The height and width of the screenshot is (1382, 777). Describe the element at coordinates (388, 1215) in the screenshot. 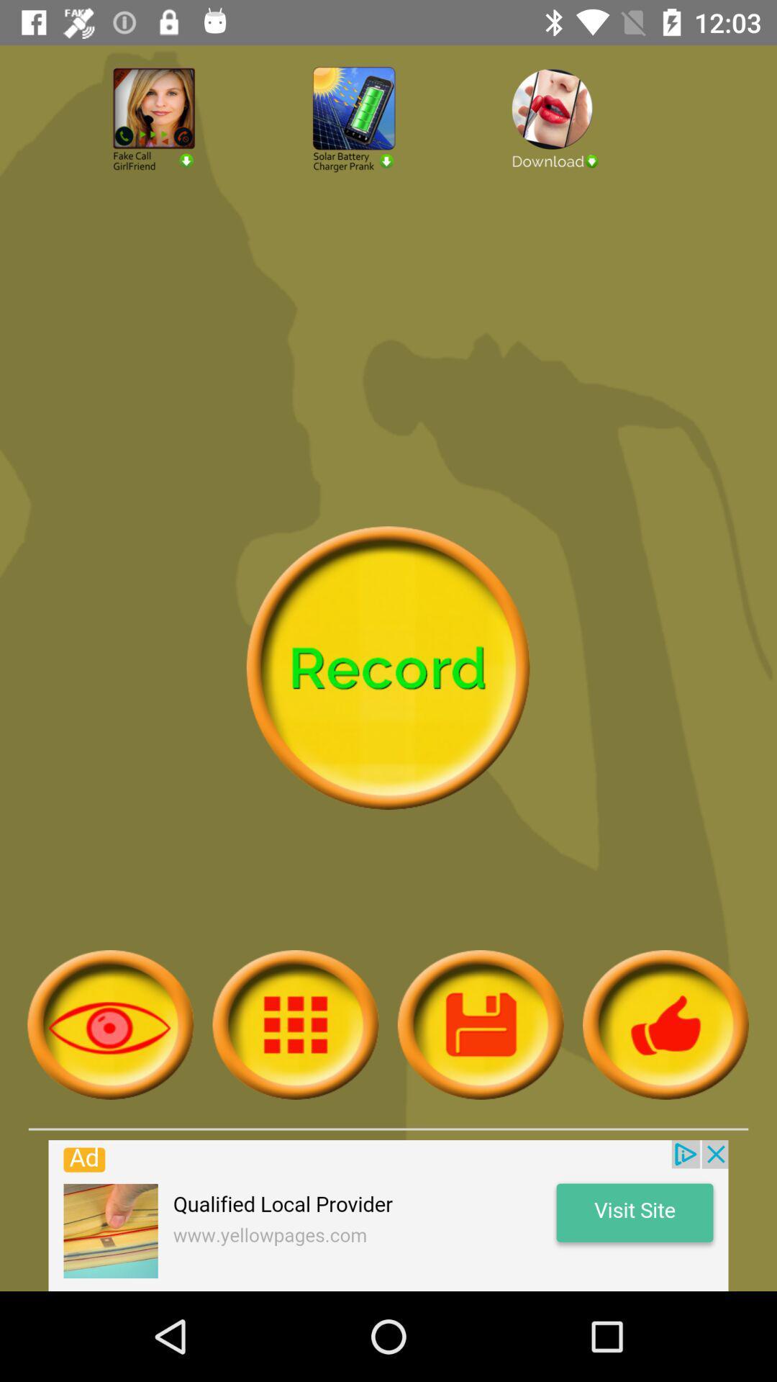

I see `advertisement website` at that location.